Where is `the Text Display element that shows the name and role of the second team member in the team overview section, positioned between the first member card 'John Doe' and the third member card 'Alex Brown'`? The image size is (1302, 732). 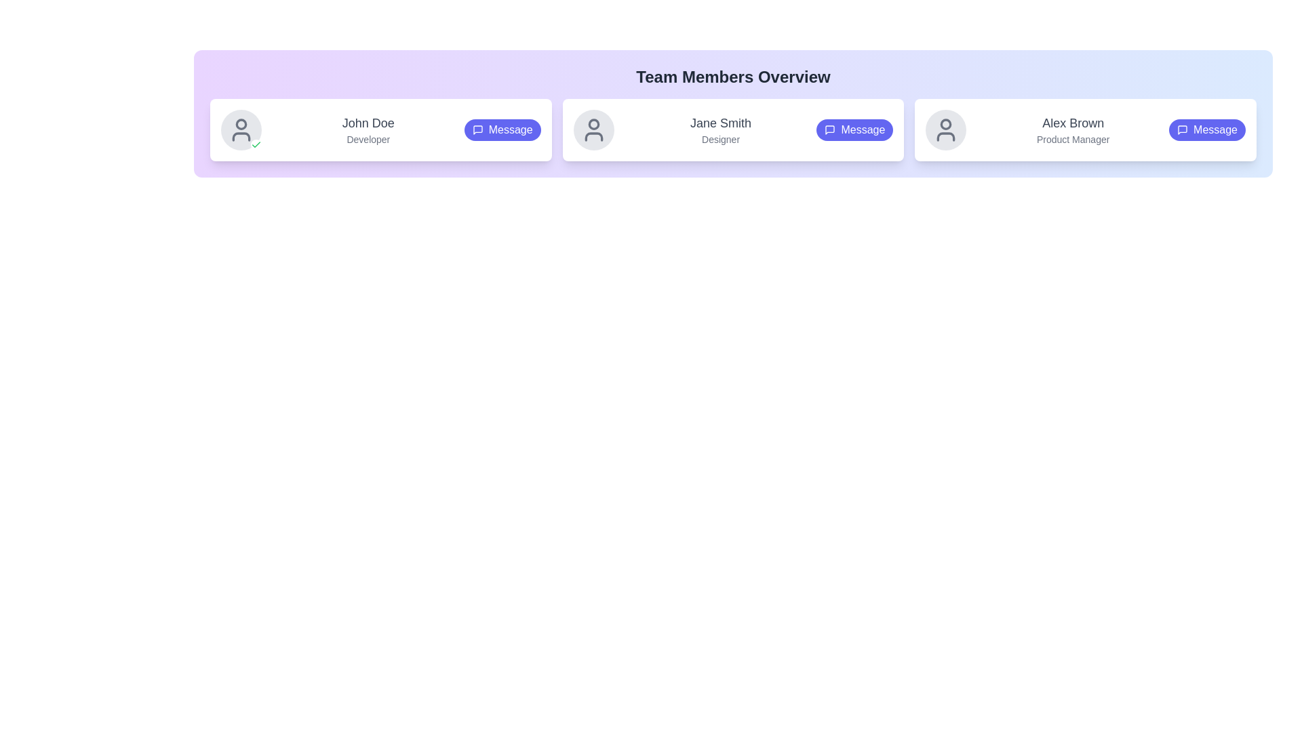 the Text Display element that shows the name and role of the second team member in the team overview section, positioned between the first member card 'John Doe' and the third member card 'Alex Brown' is located at coordinates (720, 130).